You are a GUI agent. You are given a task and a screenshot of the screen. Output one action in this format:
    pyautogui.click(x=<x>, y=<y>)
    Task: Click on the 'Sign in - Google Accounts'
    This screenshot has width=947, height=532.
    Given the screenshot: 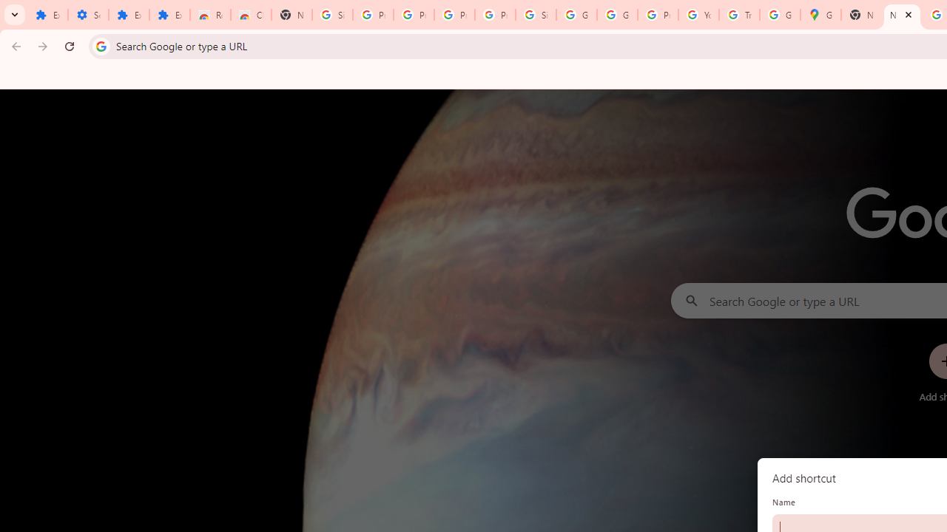 What is the action you would take?
    pyautogui.click(x=331, y=15)
    